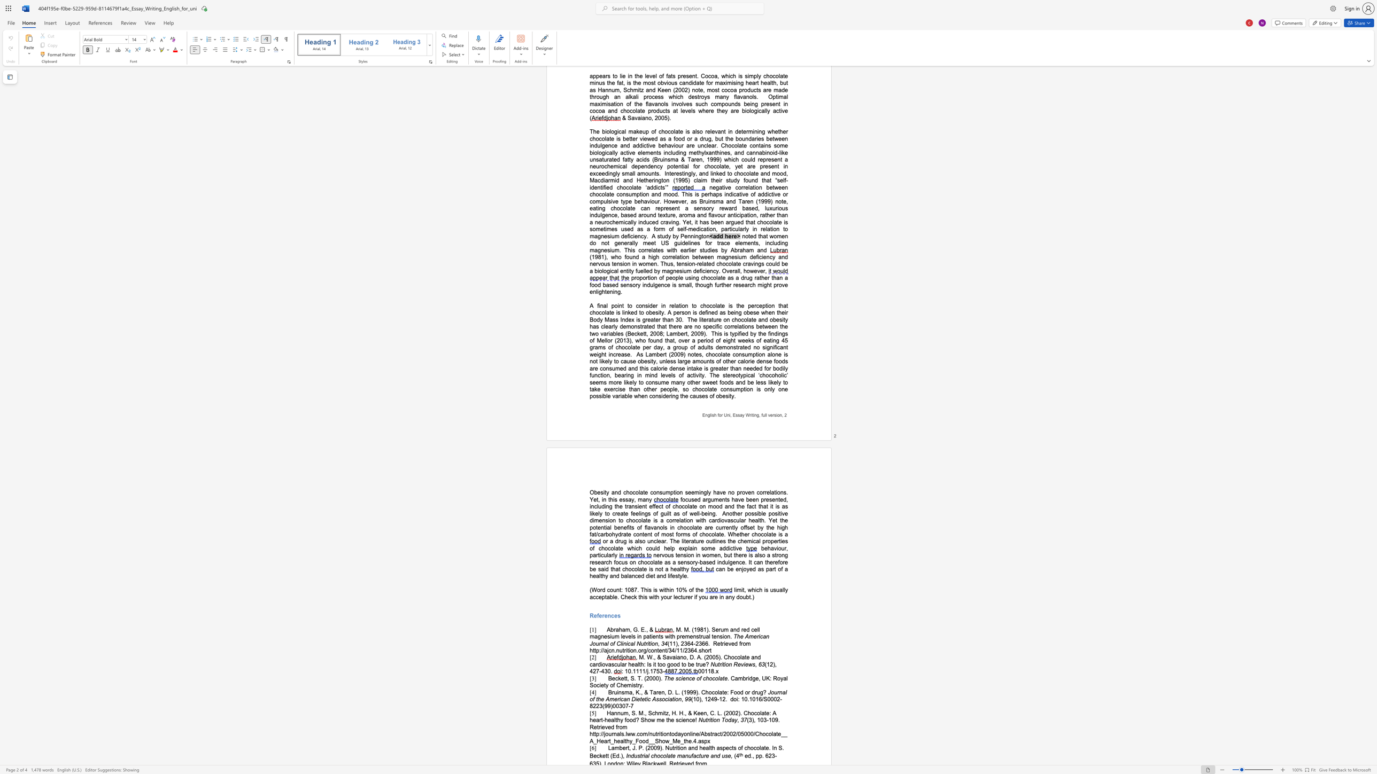 This screenshot has height=774, width=1377. What do you see at coordinates (621, 671) in the screenshot?
I see `the subset text ": 10.1111/j.17" within the text ": 10.1111/j.1753-"` at bounding box center [621, 671].